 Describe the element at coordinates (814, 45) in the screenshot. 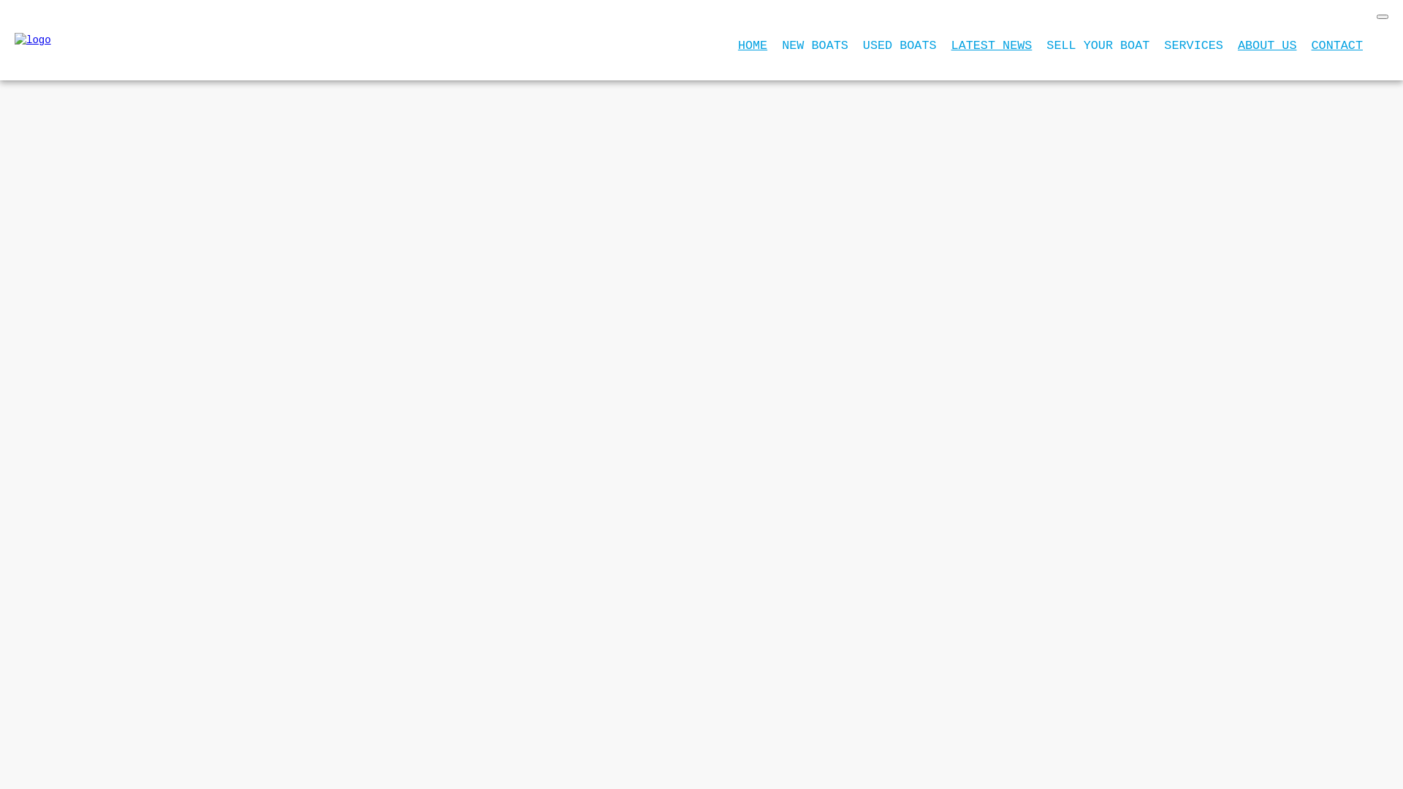

I see `'NEW BOATS'` at that location.